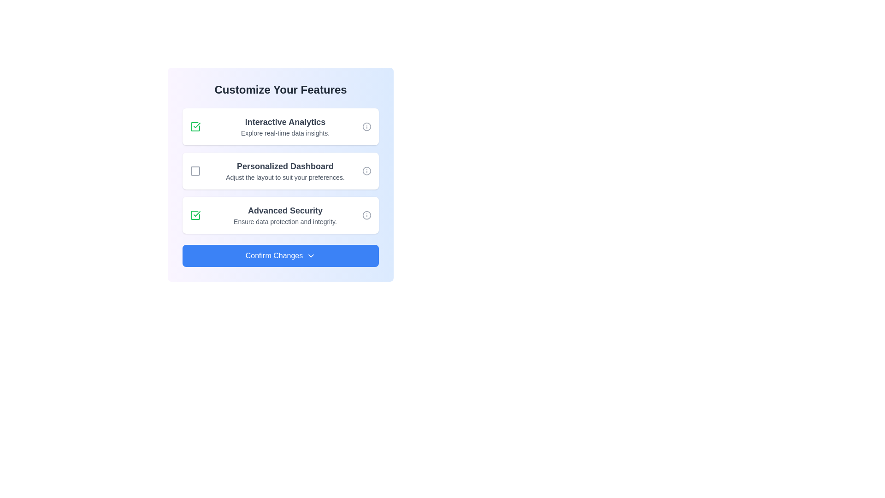 The width and height of the screenshot is (885, 498). I want to click on the Text Label that indicates the customization of the personalized dashboard feature, which is positioned above the description text and adjacent to the checkbox, so click(285, 166).